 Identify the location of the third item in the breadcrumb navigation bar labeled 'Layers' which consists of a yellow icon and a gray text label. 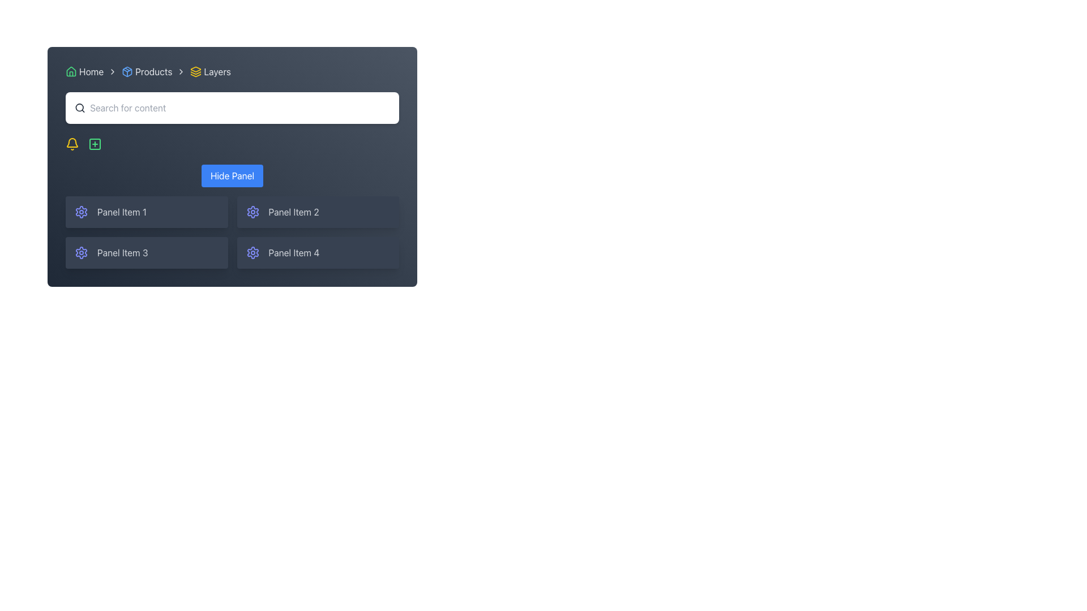
(211, 72).